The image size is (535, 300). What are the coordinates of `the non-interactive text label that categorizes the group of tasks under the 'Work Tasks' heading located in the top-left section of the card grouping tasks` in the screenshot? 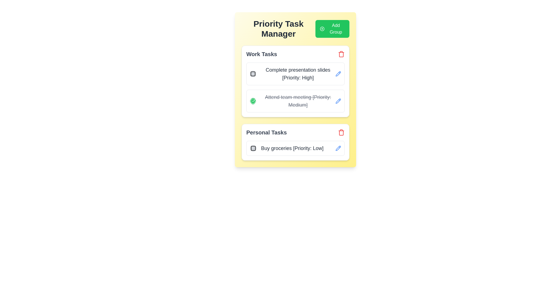 It's located at (261, 54).